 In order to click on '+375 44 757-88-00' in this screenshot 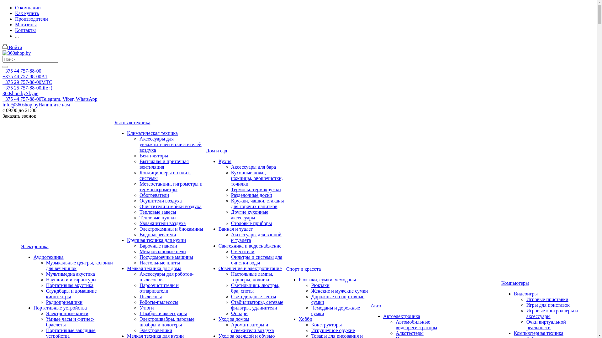, I will do `click(22, 70)`.